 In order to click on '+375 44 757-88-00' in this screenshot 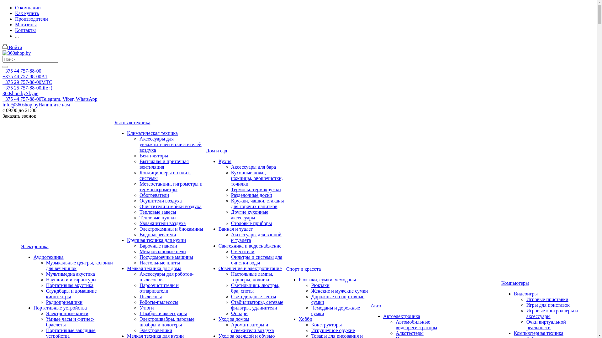, I will do `click(22, 70)`.